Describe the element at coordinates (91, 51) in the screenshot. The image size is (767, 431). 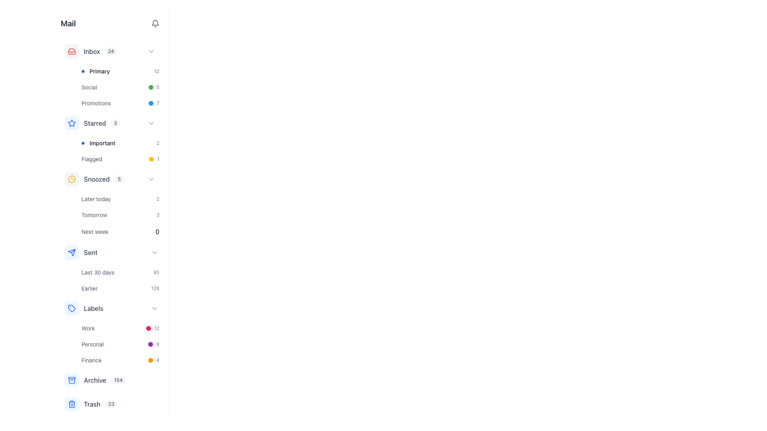
I see `the second navigation menu item labeled 'Inbox' in the left-side menu of the mail application` at that location.